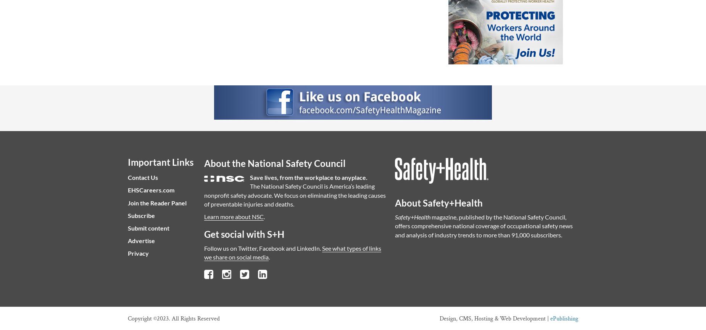  What do you see at coordinates (156, 202) in the screenshot?
I see `'Join the Reader Panel'` at bounding box center [156, 202].